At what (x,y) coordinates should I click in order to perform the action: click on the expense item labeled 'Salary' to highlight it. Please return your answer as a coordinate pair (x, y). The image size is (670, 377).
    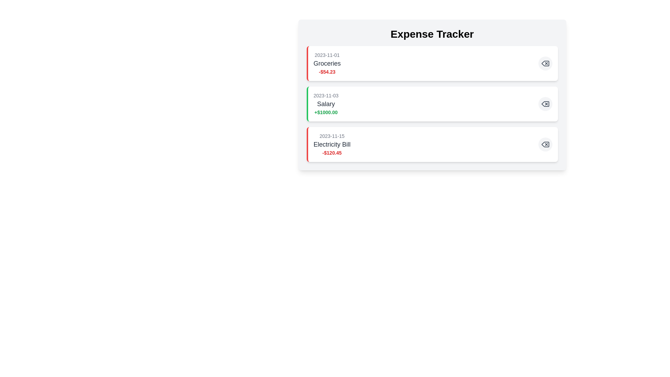
    Looking at the image, I should click on (432, 104).